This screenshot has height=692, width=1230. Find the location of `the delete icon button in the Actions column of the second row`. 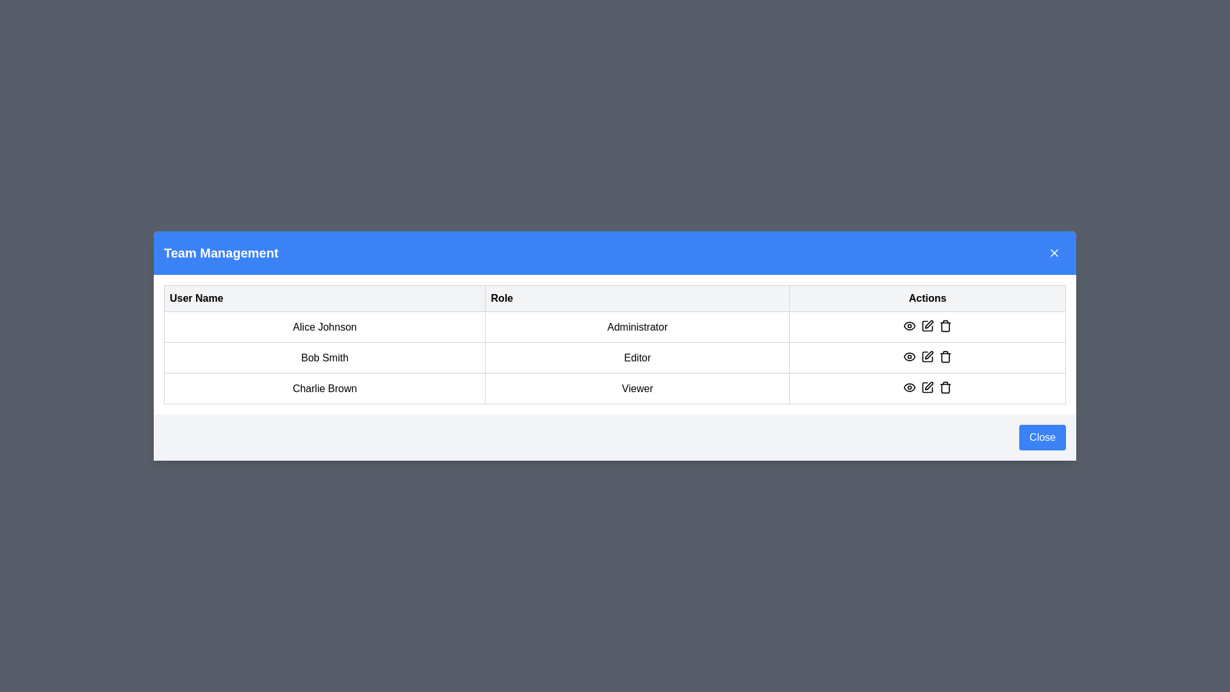

the delete icon button in the Actions column of the second row is located at coordinates (946, 356).